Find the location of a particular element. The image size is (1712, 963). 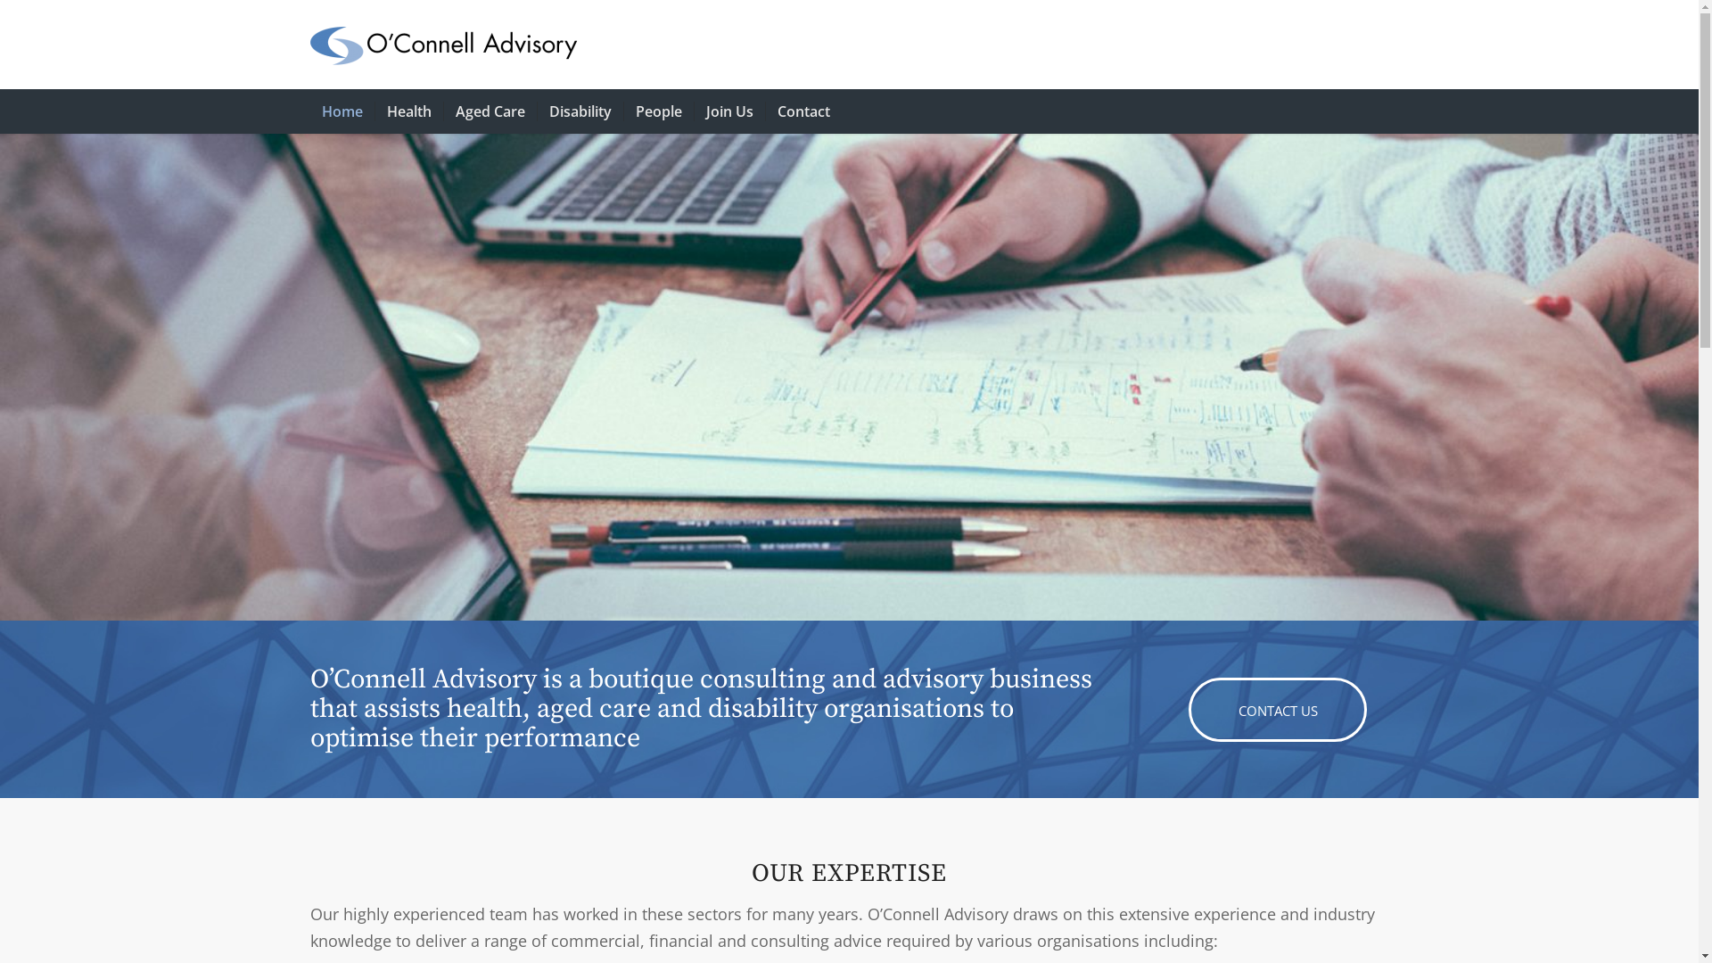

'CONTACT US' is located at coordinates (1277, 708).